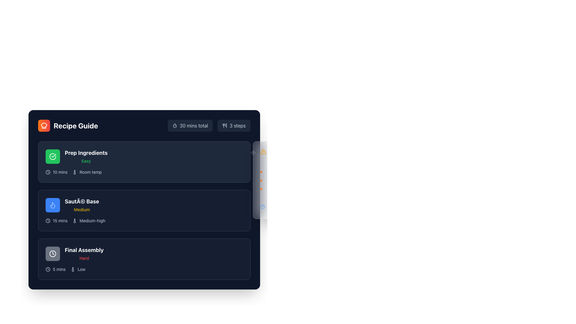 This screenshot has width=576, height=324. Describe the element at coordinates (190, 125) in the screenshot. I see `the label displaying '30 mins total' with a slate-blue background, which is located to the left of the '3 steps' element` at that location.